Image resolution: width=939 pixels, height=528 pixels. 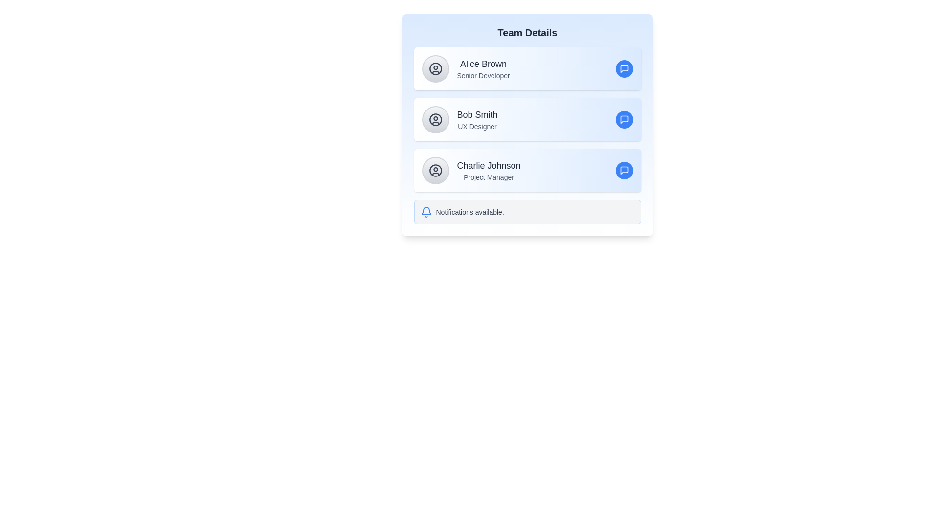 What do you see at coordinates (435, 170) in the screenshot?
I see `the circular user icon representing Charlie Johnson` at bounding box center [435, 170].